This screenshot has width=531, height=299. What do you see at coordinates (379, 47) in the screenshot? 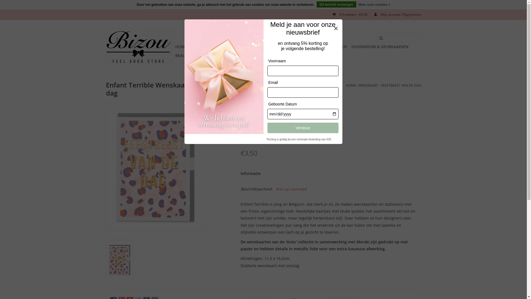
I see `'HUISPARFUM & GEURKAARSEN'` at bounding box center [379, 47].